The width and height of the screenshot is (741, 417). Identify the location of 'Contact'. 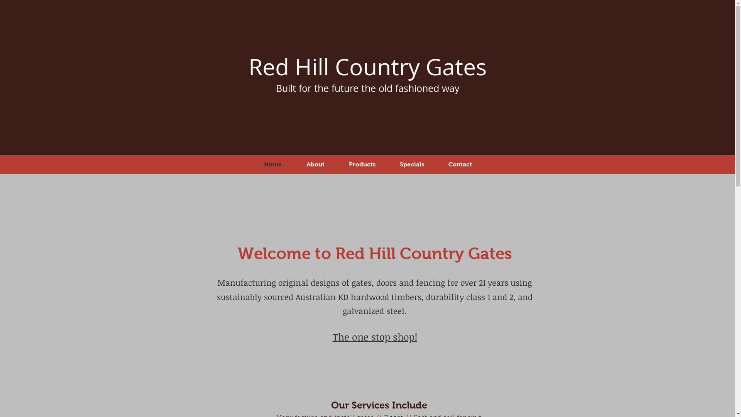
(436, 164).